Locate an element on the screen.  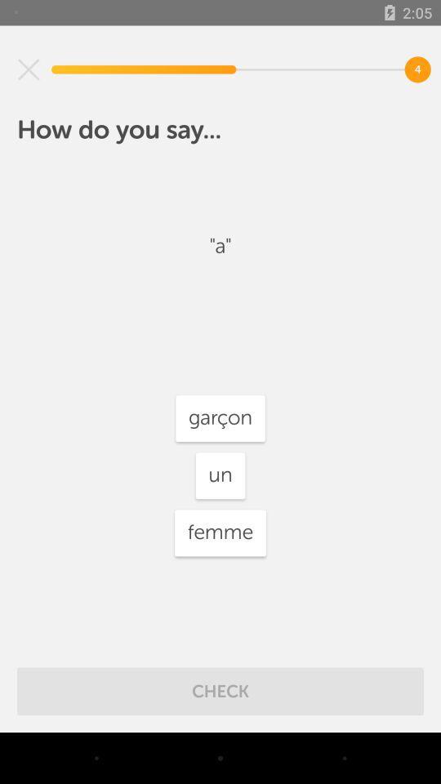
item at the top left corner is located at coordinates (29, 69).